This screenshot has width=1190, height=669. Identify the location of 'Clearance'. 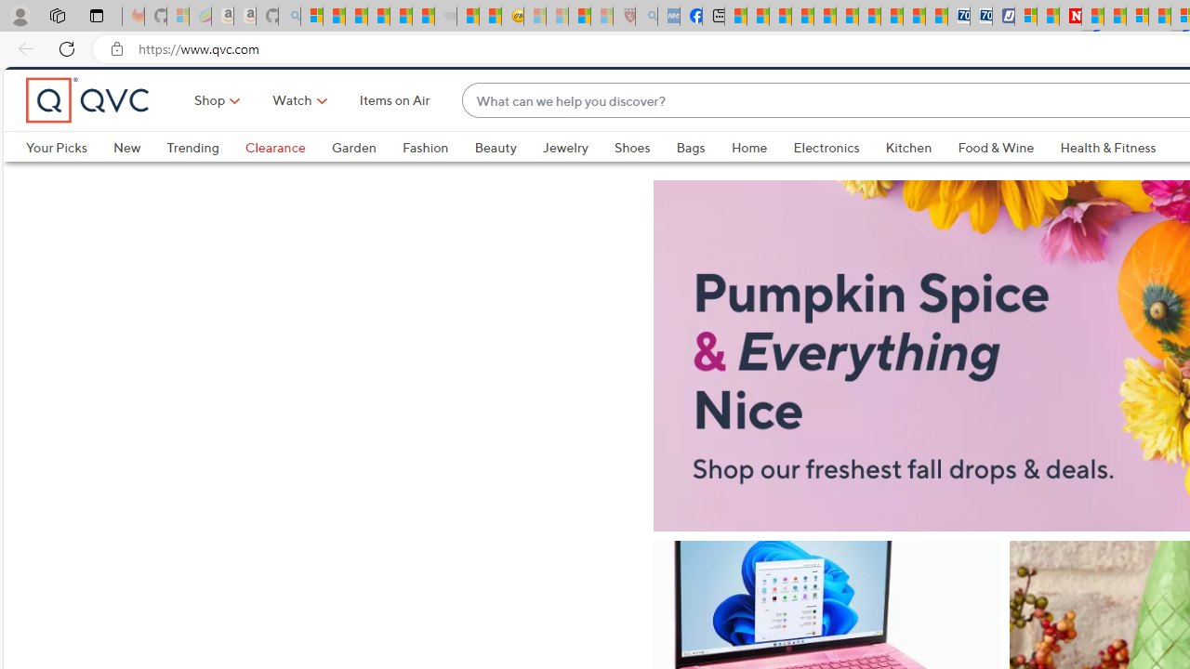
(273, 178).